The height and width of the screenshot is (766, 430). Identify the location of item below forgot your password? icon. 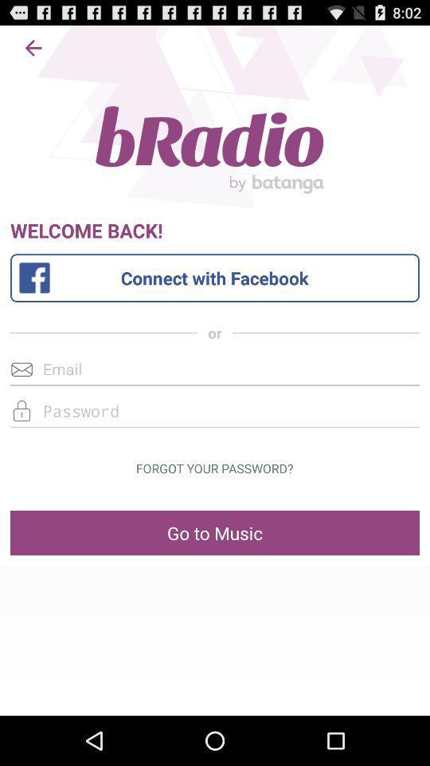
(215, 533).